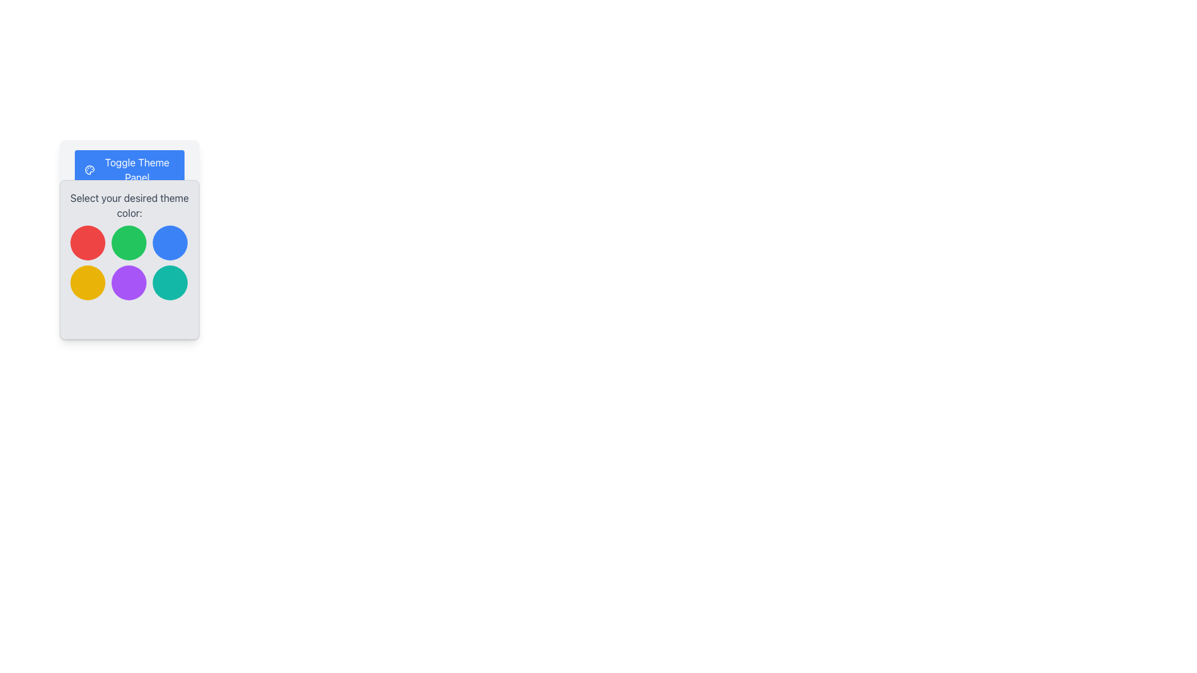 This screenshot has height=673, width=1197. I want to click on the blue color selector button in the theme picker interface, so click(170, 242).